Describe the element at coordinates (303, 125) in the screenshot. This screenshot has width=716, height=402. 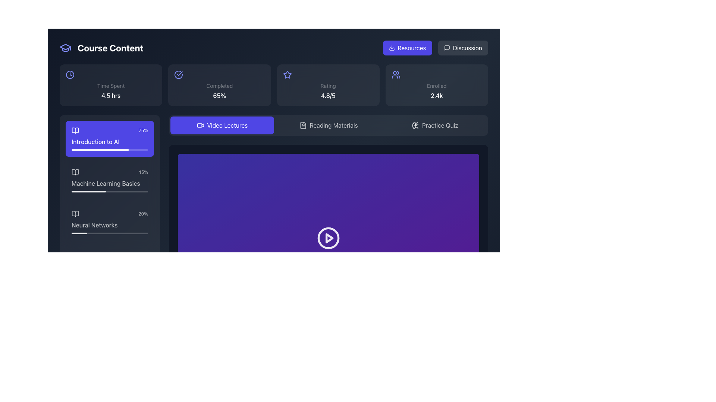
I see `the document or file icon within the 'Reading Materials' button, which is centrally located in the horizontal toolbar next to 'Video Lectures' and 'Practice Quiz'` at that location.